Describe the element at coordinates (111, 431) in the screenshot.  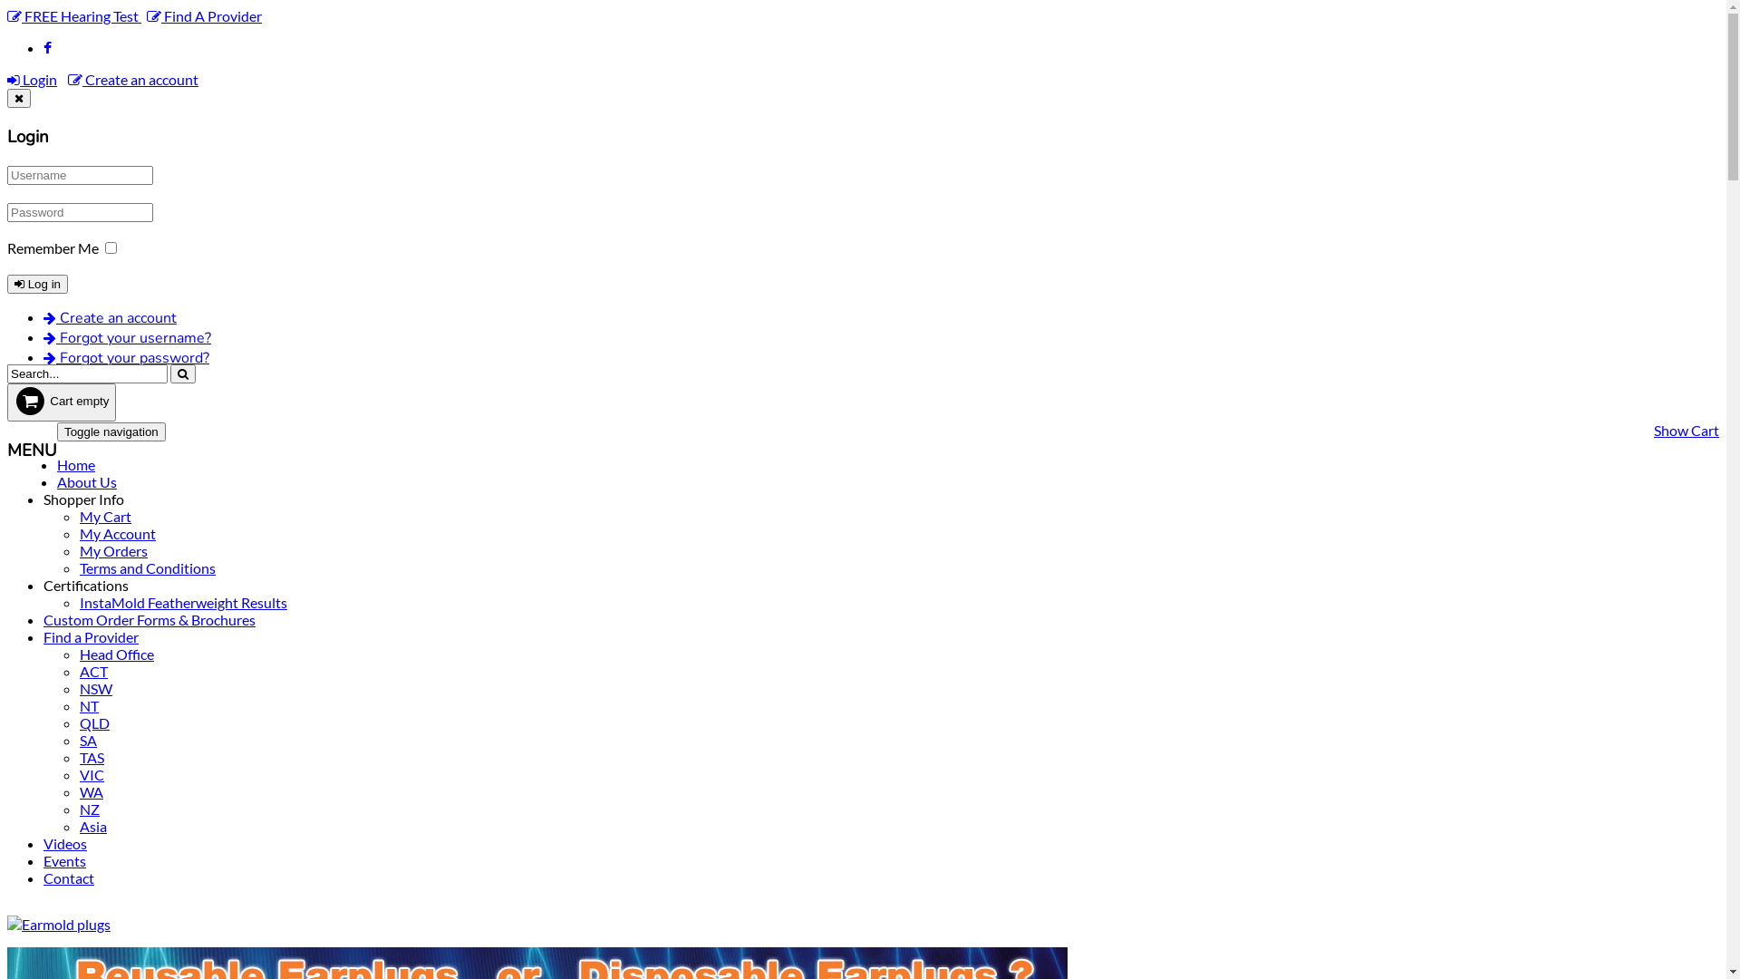
I see `'Toggle navigation'` at that location.